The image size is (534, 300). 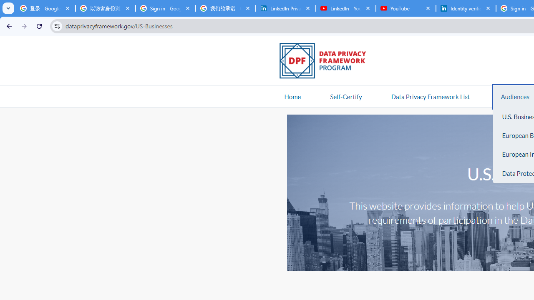 What do you see at coordinates (346, 96) in the screenshot?
I see `'Self-Certify'` at bounding box center [346, 96].